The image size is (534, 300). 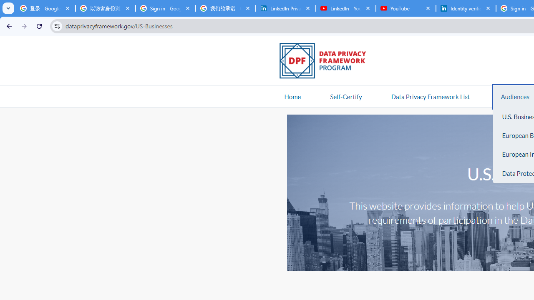 What do you see at coordinates (346, 96) in the screenshot?
I see `'Self-Certify'` at bounding box center [346, 96].